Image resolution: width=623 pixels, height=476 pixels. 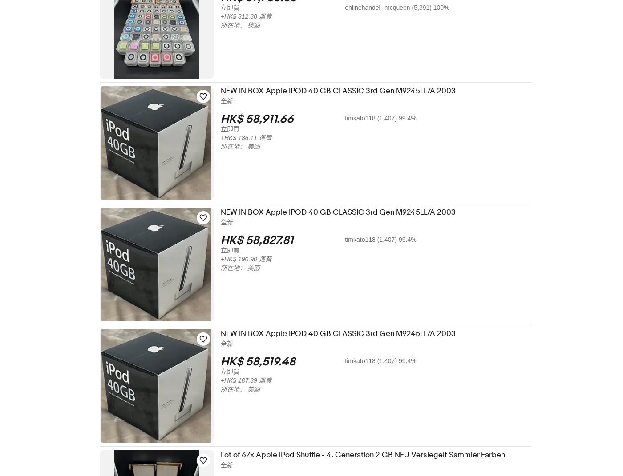 I want to click on '+HK$ 190.90 運費', so click(x=252, y=259).